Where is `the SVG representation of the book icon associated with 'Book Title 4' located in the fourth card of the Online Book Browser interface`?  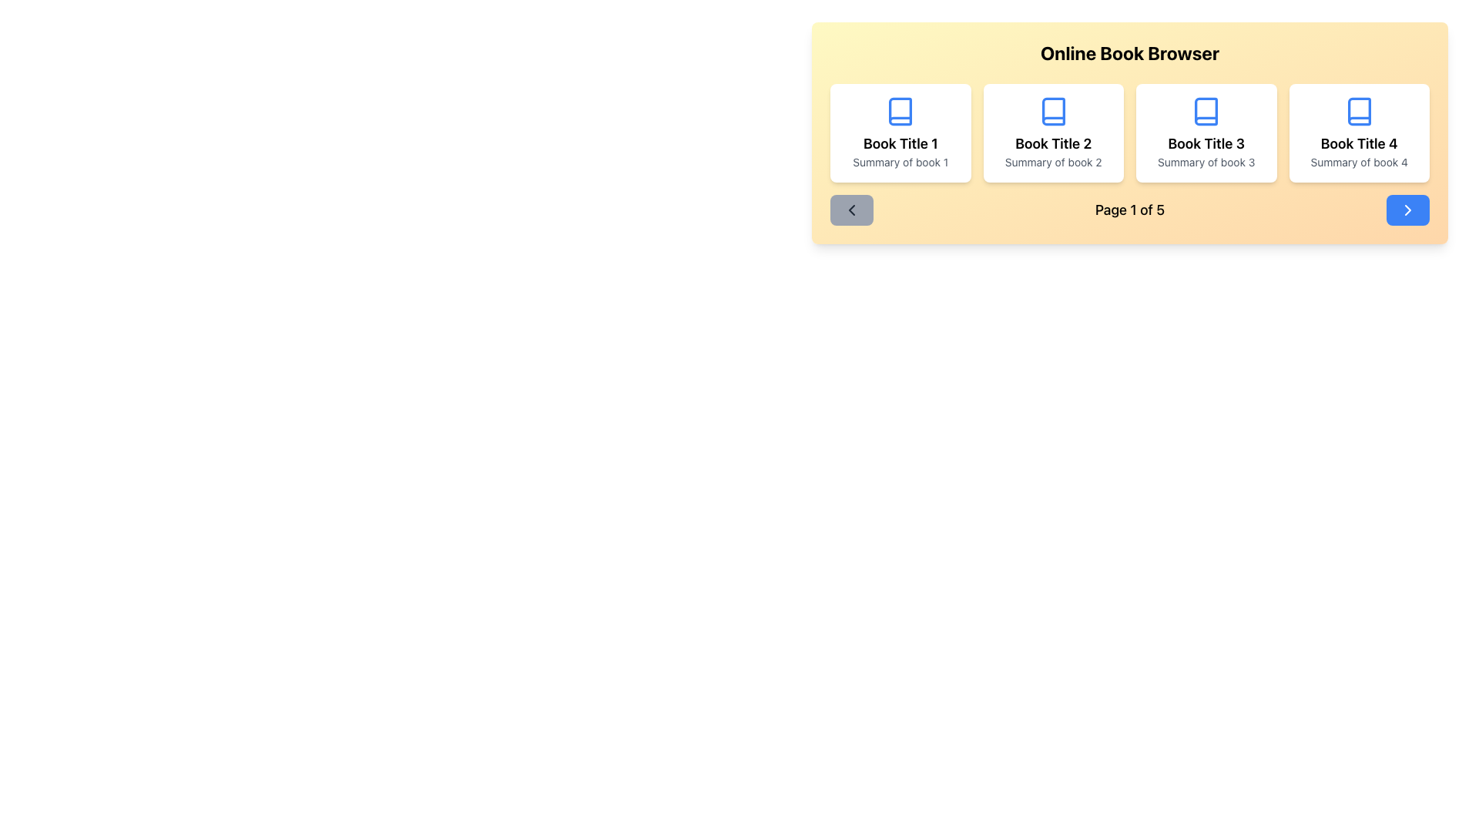 the SVG representation of the book icon associated with 'Book Title 4' located in the fourth card of the Online Book Browser interface is located at coordinates (1359, 111).